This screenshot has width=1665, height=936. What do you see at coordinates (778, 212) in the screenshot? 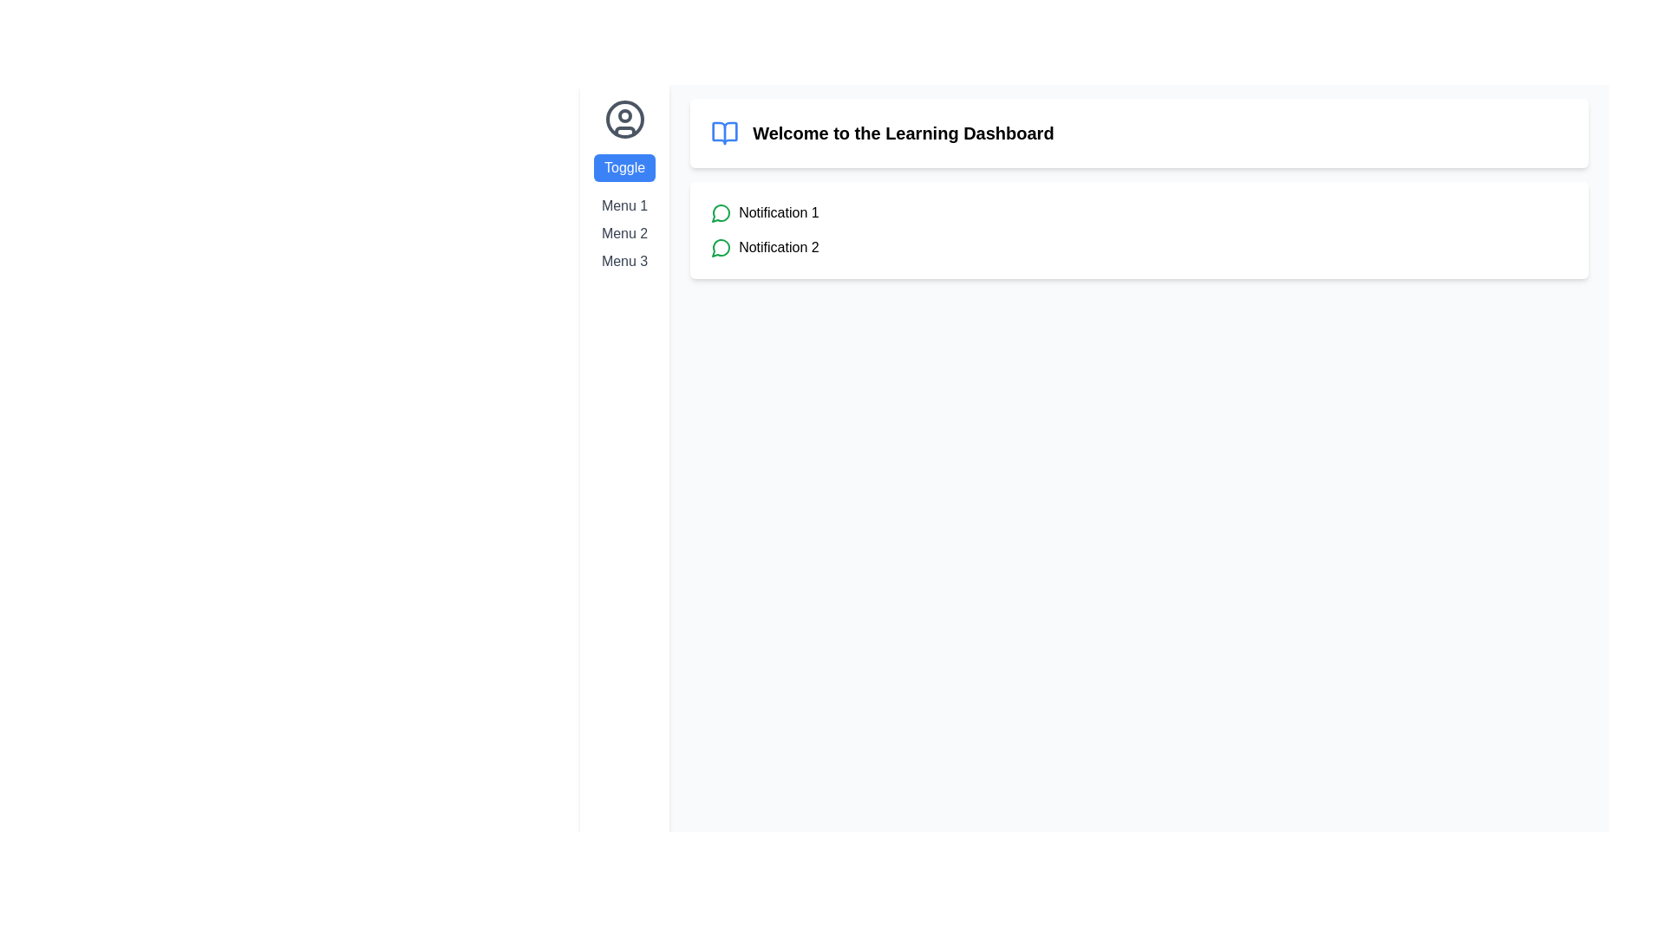
I see `the text label displaying 'Notification 1', which is positioned to the right of a green circular icon with a speech bubble symbol` at bounding box center [778, 212].